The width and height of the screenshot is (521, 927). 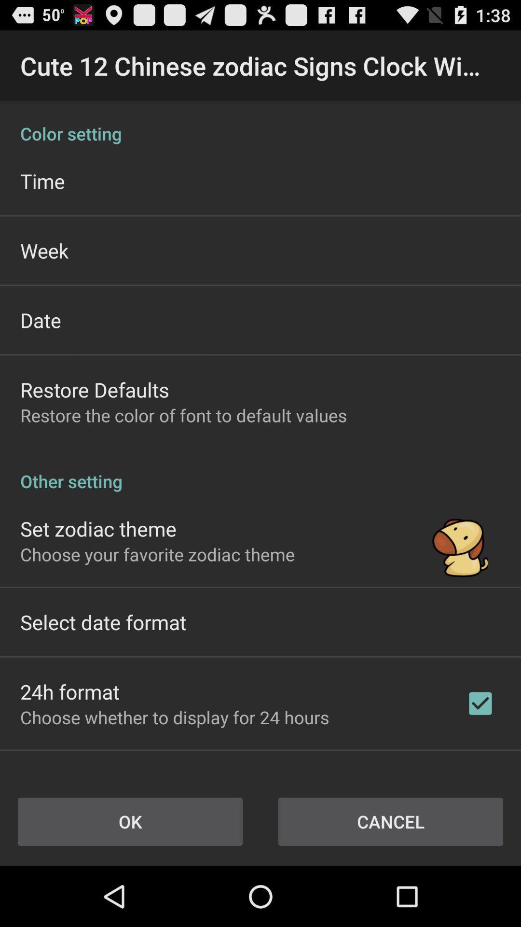 What do you see at coordinates (130, 821) in the screenshot?
I see `the item next to cancel item` at bounding box center [130, 821].